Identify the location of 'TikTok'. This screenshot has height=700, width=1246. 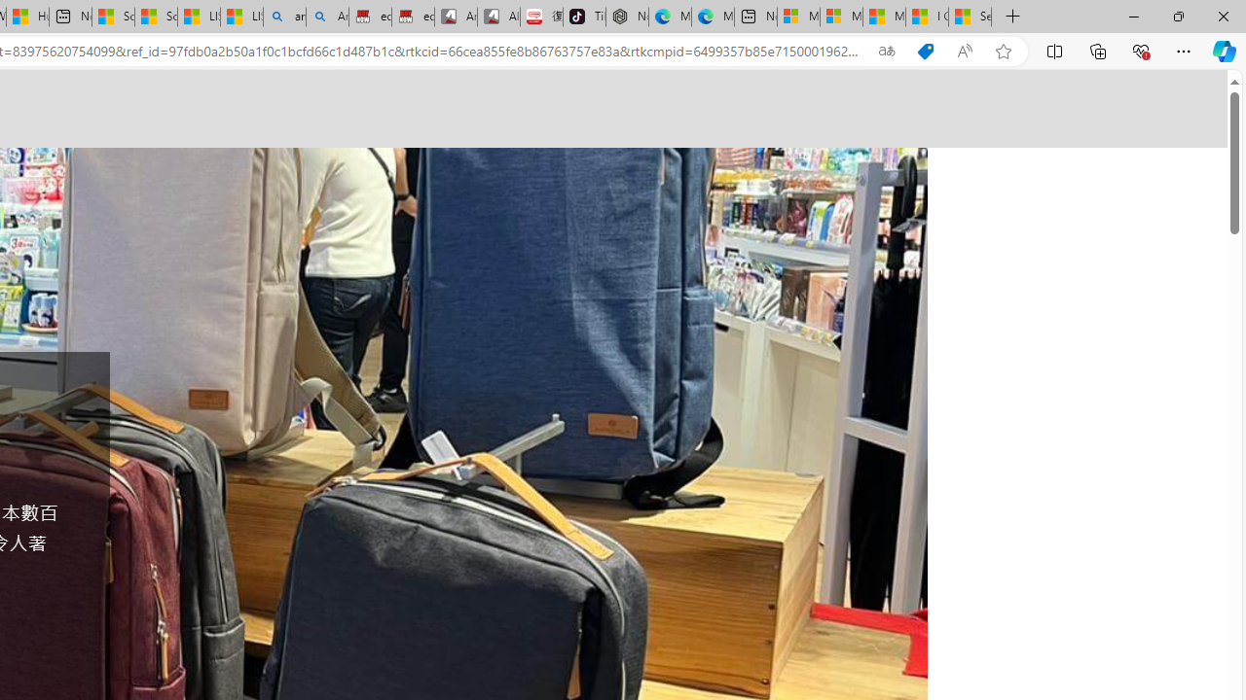
(583, 17).